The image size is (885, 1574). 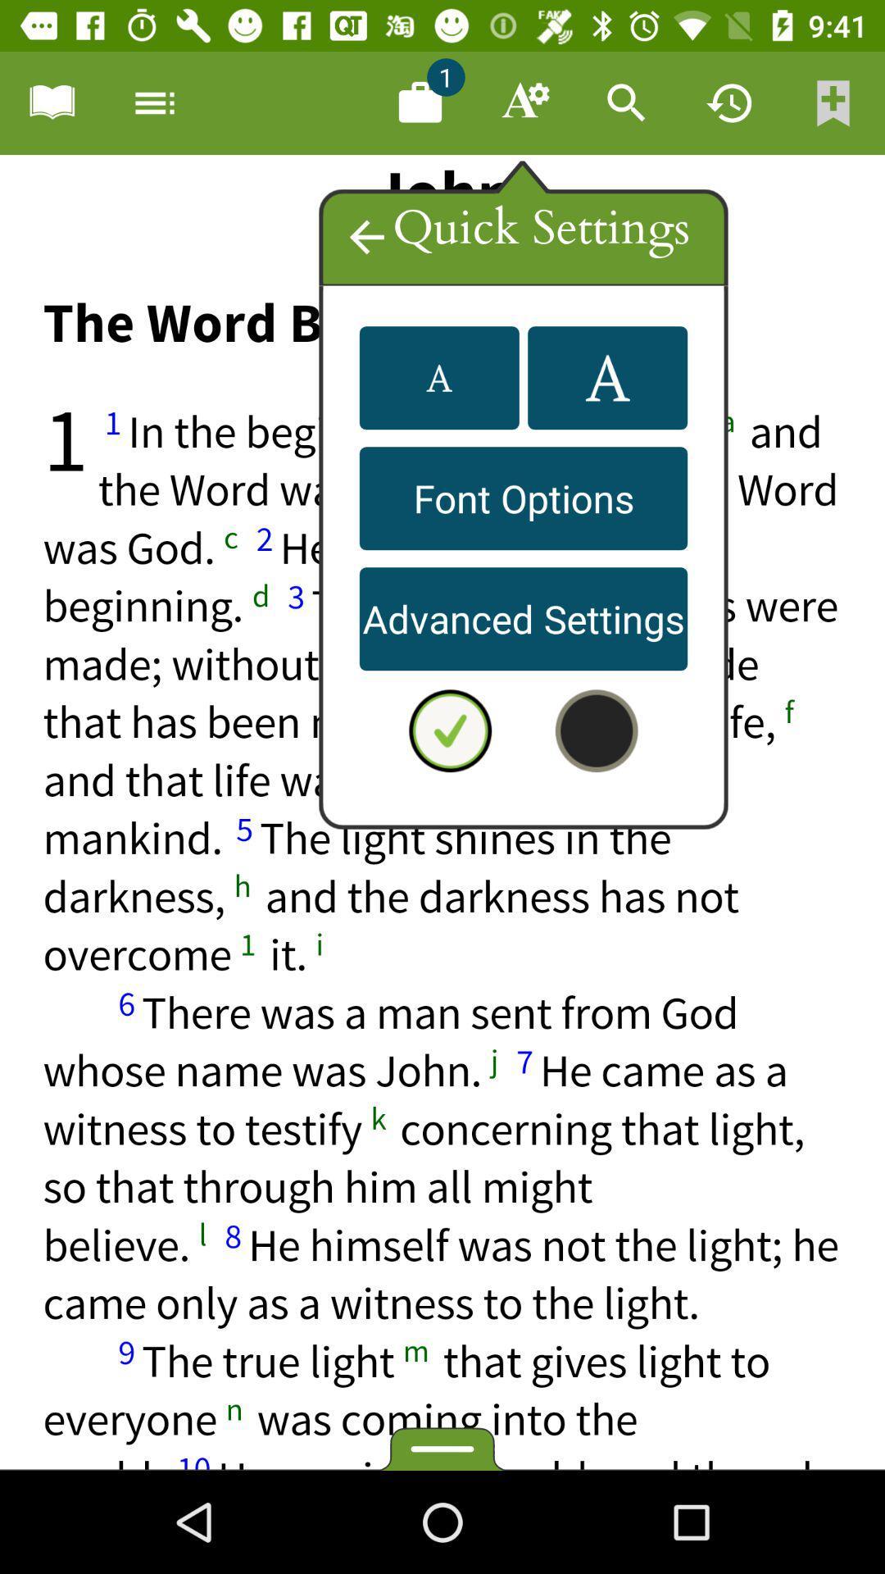 What do you see at coordinates (450, 730) in the screenshot?
I see `ok for settings` at bounding box center [450, 730].